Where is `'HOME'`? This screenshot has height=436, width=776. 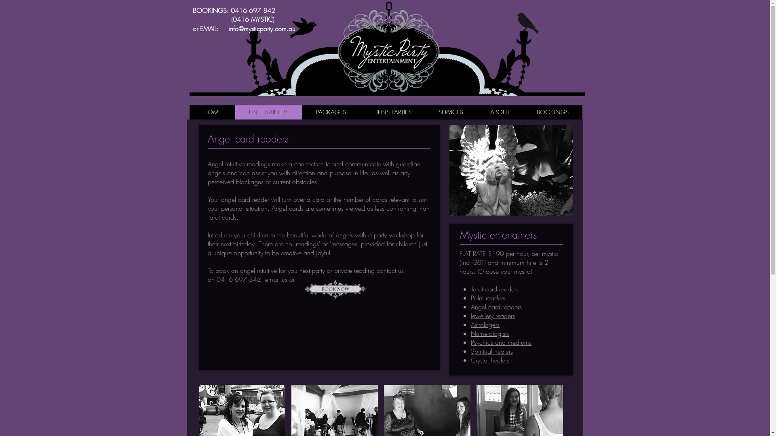
'HOME' is located at coordinates (212, 112).